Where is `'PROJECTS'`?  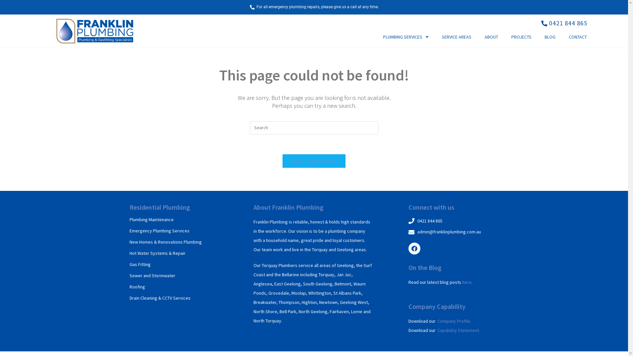 'PROJECTS' is located at coordinates (521, 37).